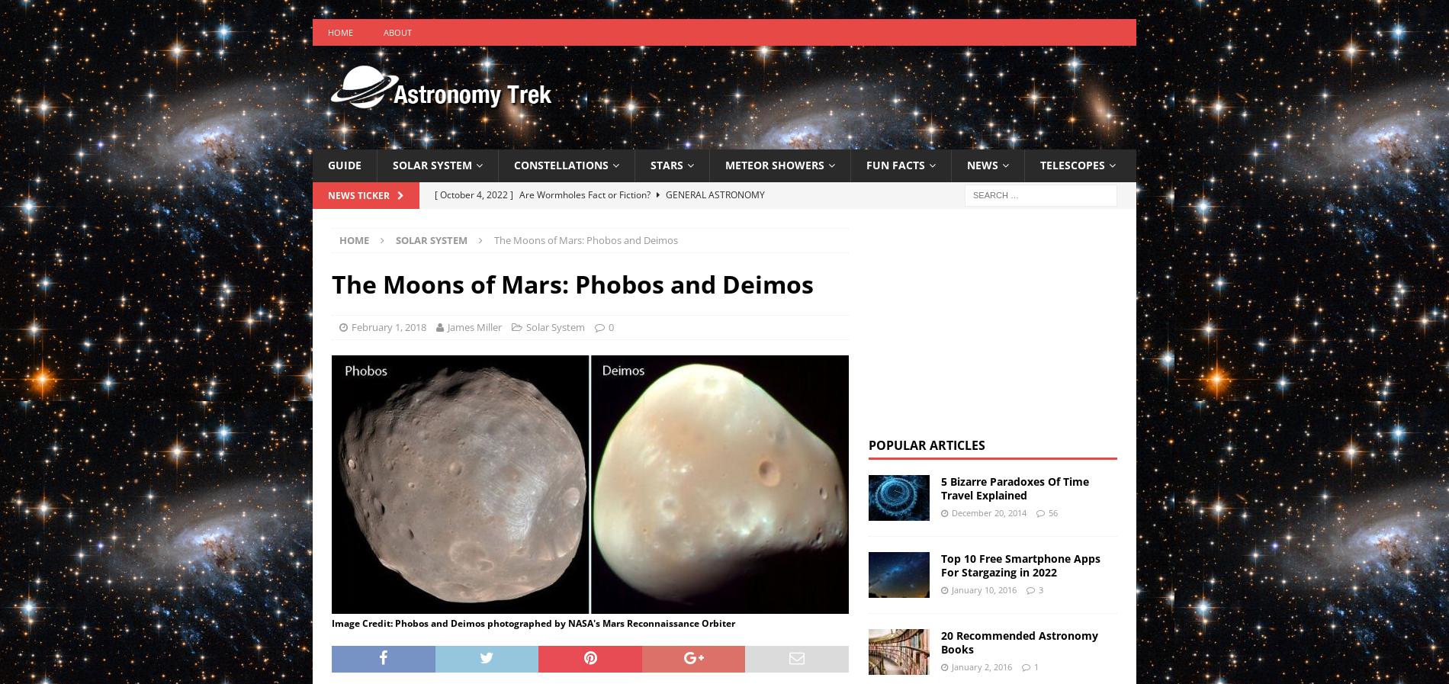 Image resolution: width=1449 pixels, height=684 pixels. Describe the element at coordinates (585, 193) in the screenshot. I see `'Are Wormholes Fact or Fiction?'` at that location.